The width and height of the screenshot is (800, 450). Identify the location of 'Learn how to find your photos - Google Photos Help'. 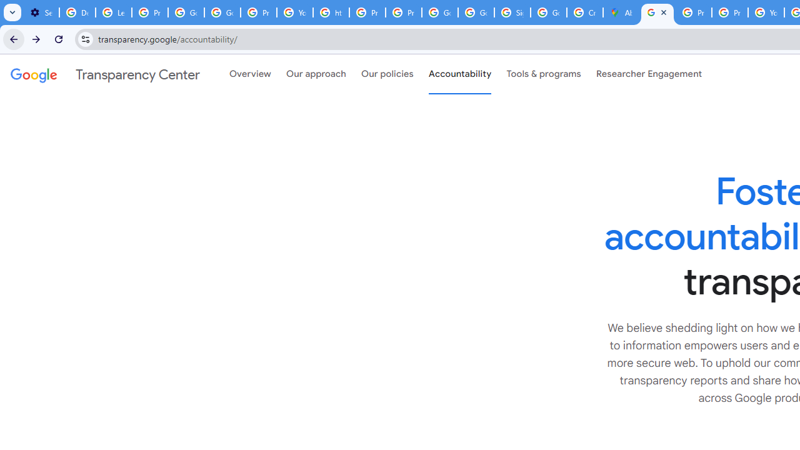
(113, 12).